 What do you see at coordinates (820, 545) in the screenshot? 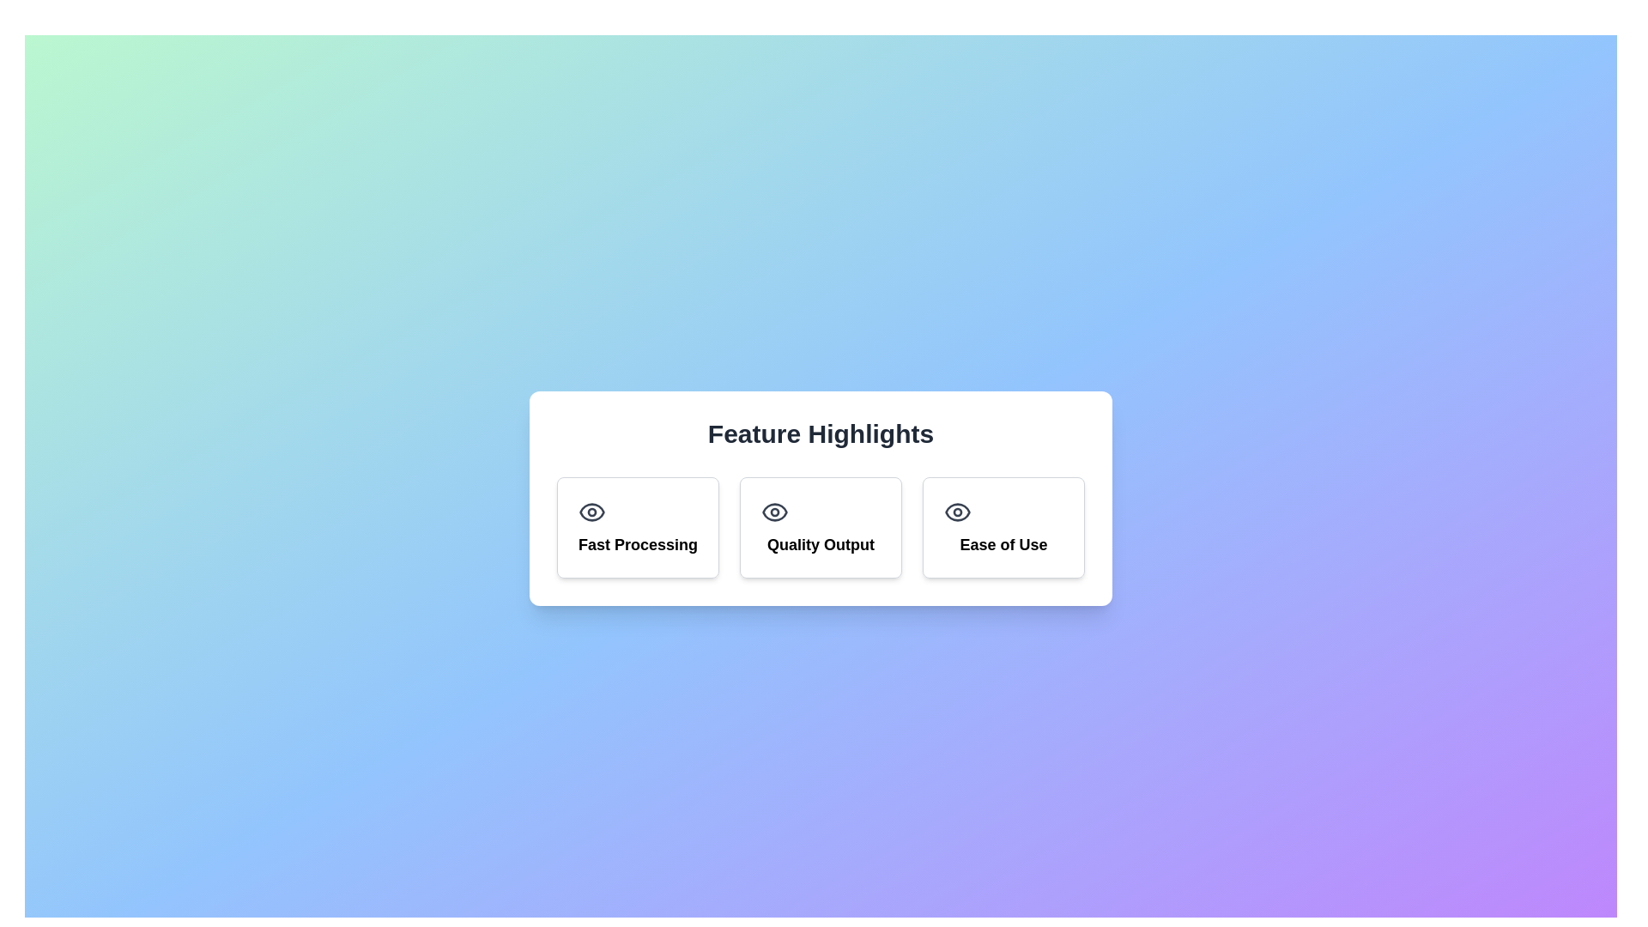
I see `text label that reads 'Quality Output', which is styled with a bold, slightly larger font and is centrally located underneath an eye icon` at bounding box center [820, 545].